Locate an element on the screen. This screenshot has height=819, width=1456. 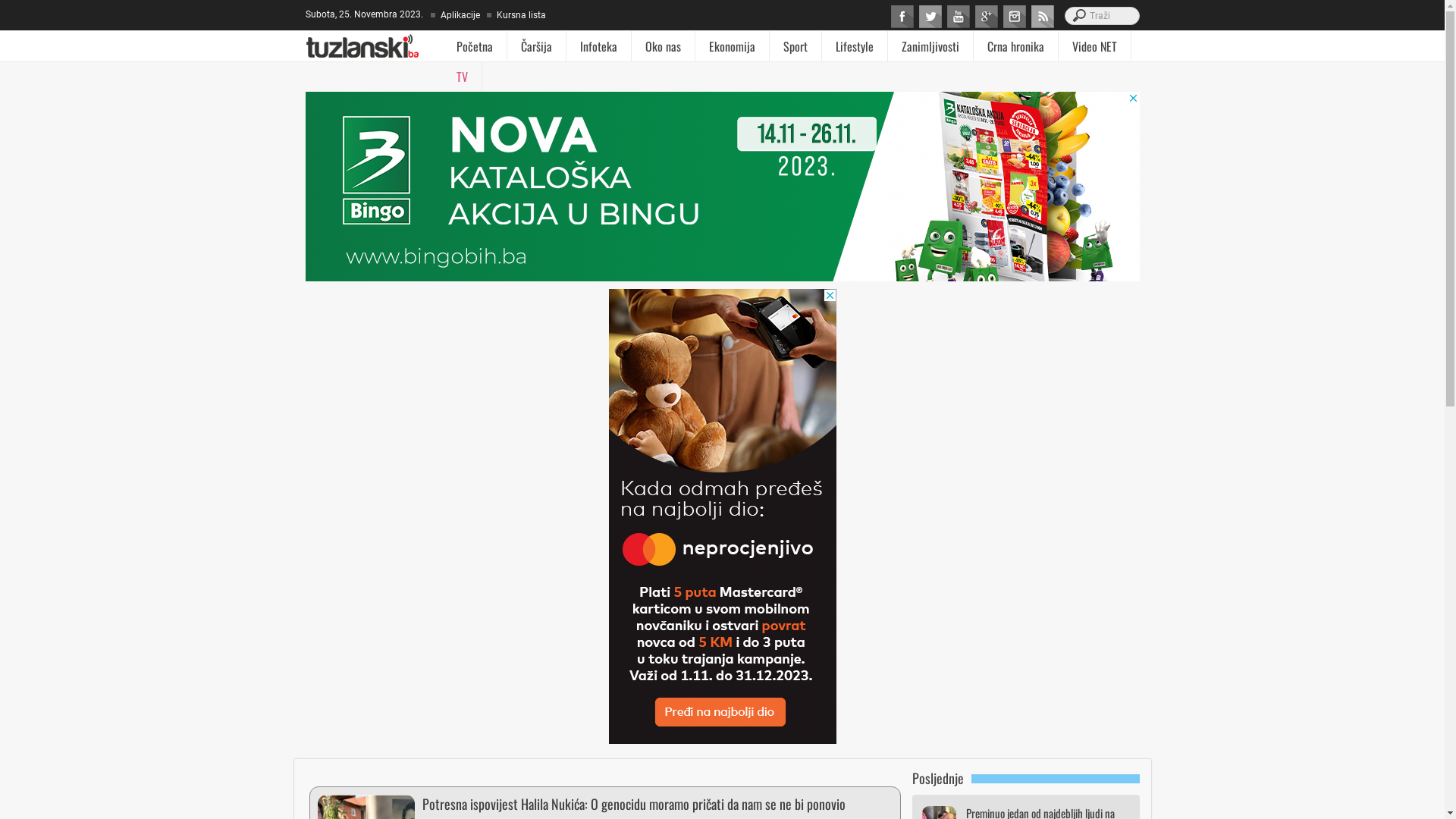
'Zanimljivosti' is located at coordinates (930, 45).